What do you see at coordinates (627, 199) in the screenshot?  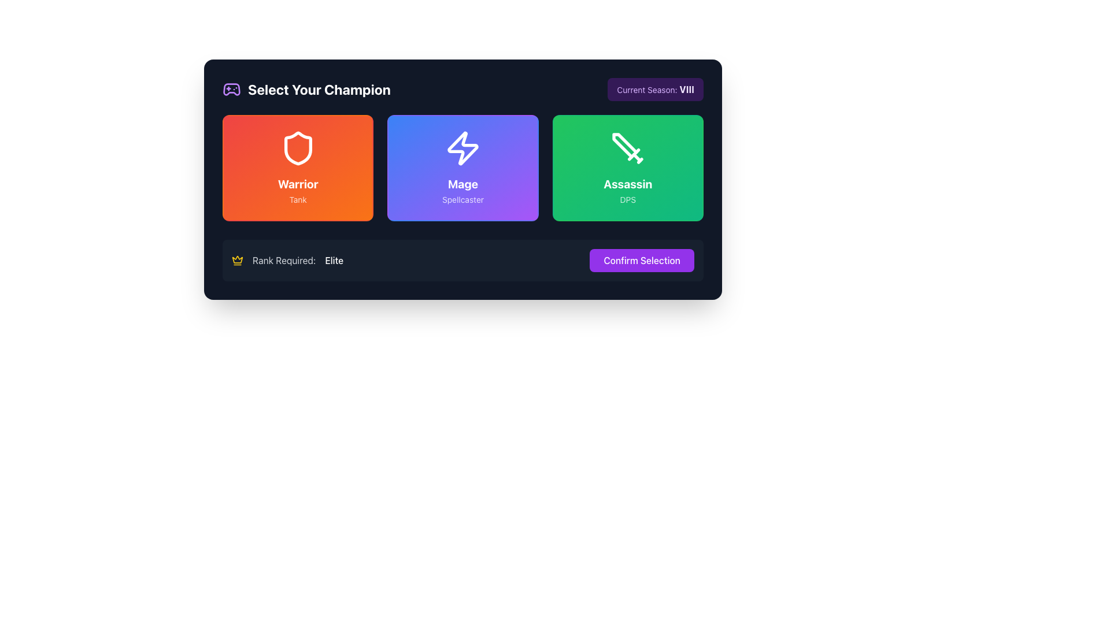 I see `the text label displaying 'DPS' in light white color on a dark green background, located within the 'Assassin' card` at bounding box center [627, 199].